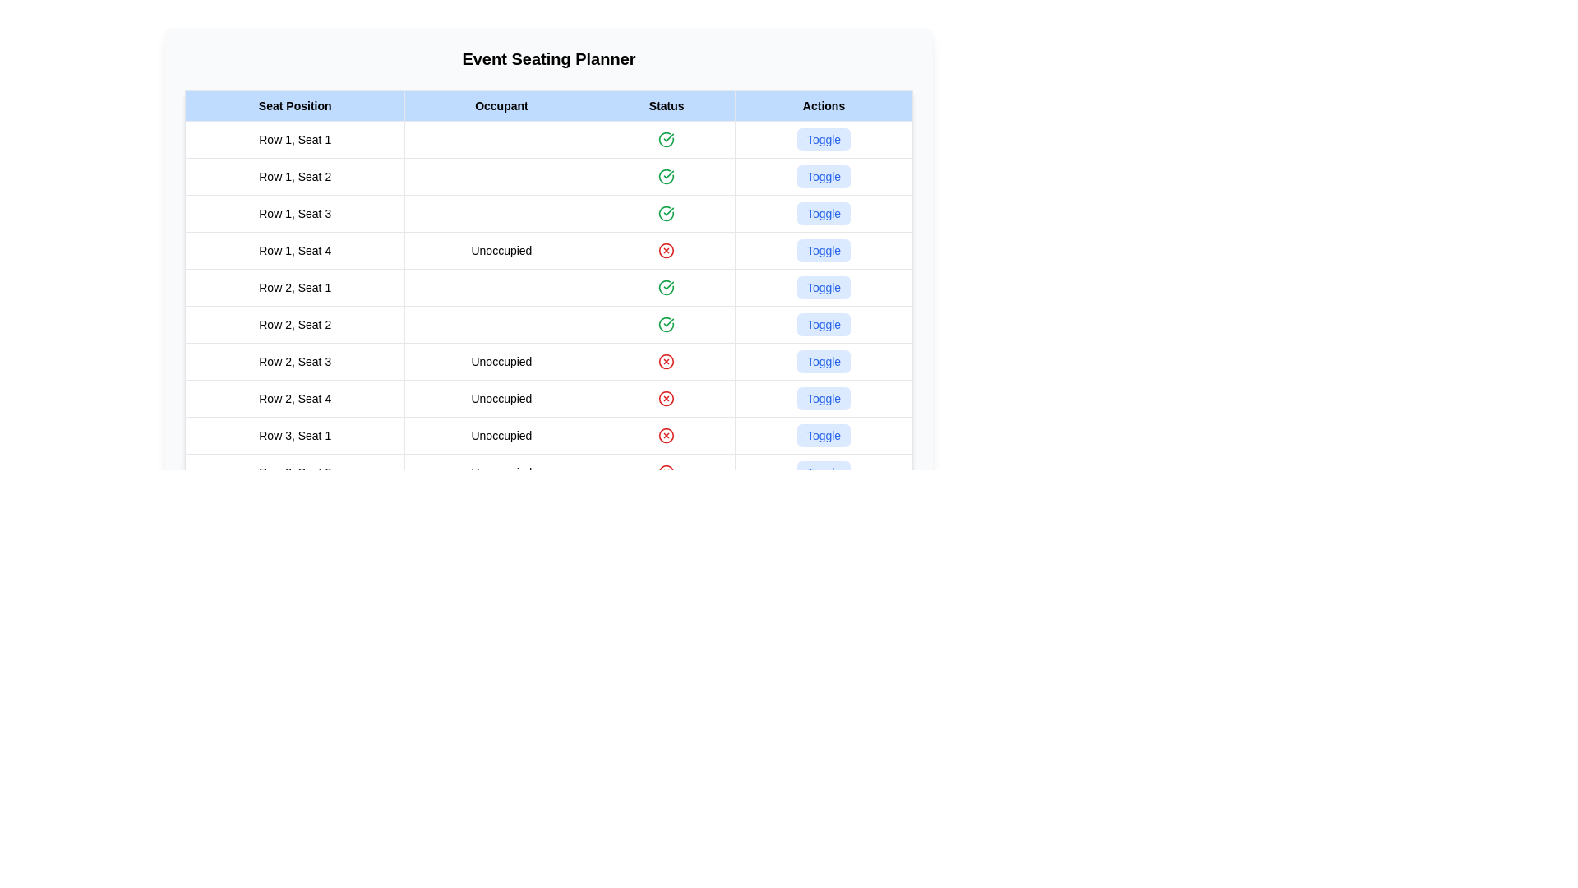 Image resolution: width=1578 pixels, height=888 pixels. Describe the element at coordinates (548, 177) in the screenshot. I see `status indicator of the interactive table row displaying information about a specific seat, located in the second row of the seating planner table, to check its current state` at that location.